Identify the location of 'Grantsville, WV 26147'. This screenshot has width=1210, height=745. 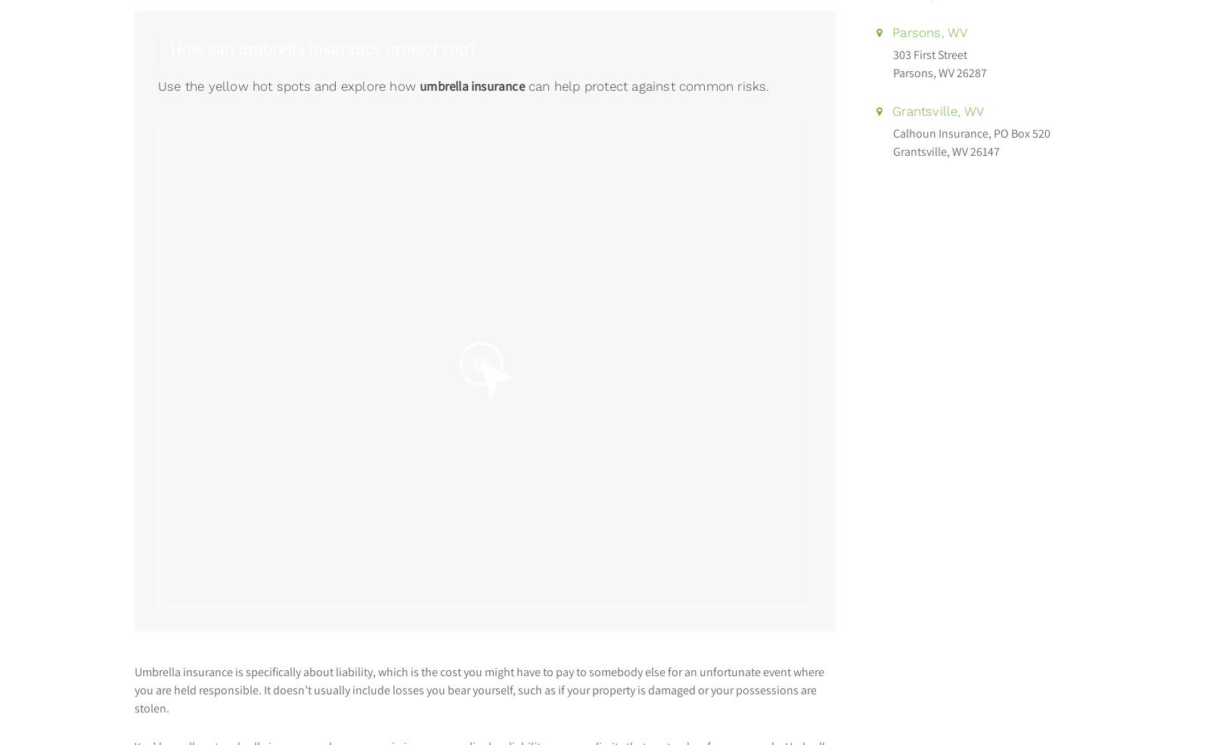
(945, 151).